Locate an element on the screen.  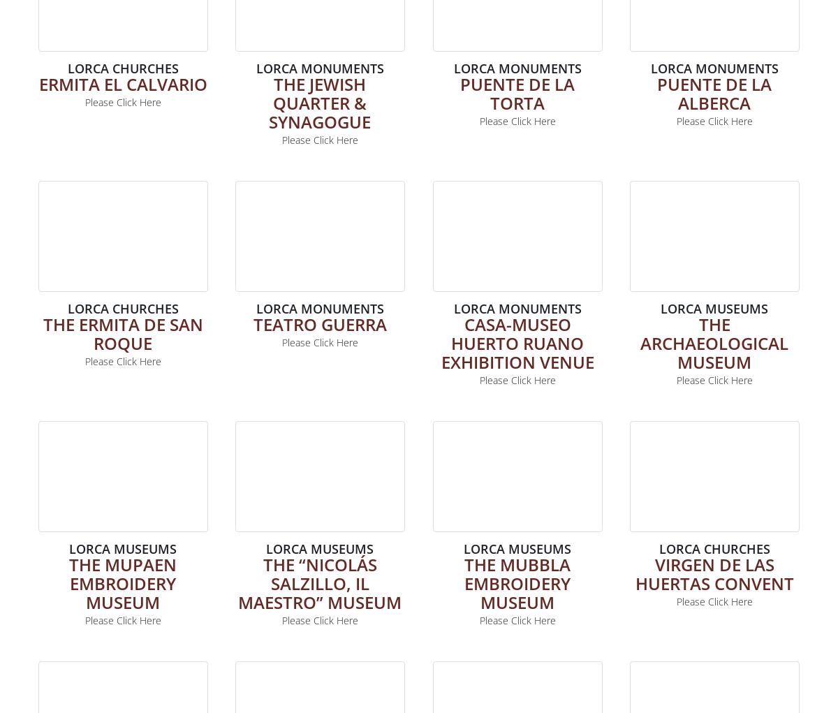
'Casa-Museo Huerto Ruano exhibition venue' is located at coordinates (517, 341).